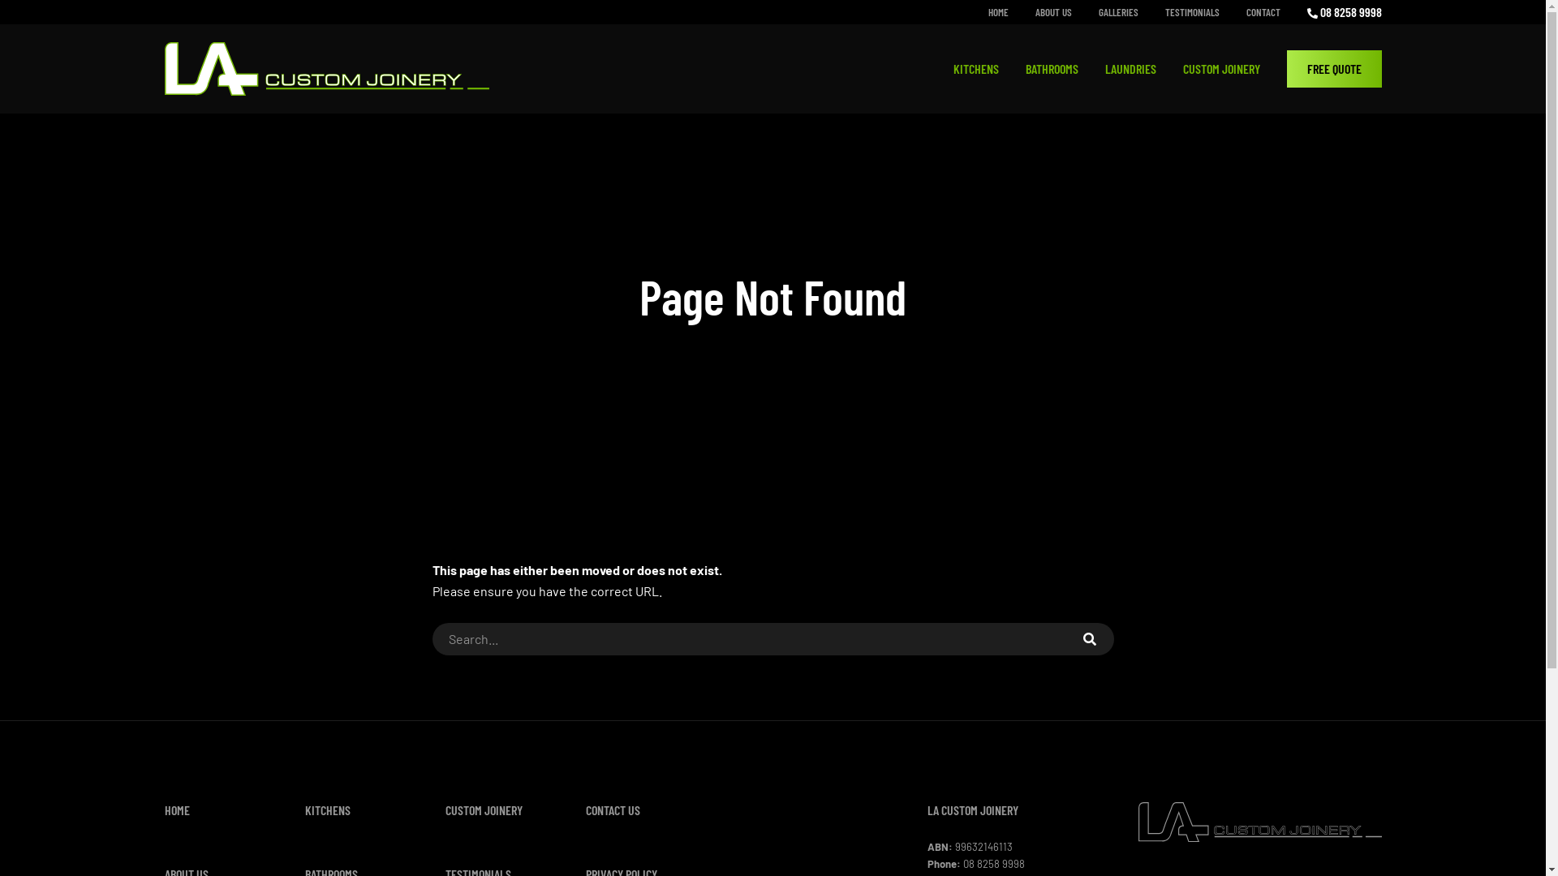  Describe the element at coordinates (612, 809) in the screenshot. I see `'CONTACT US'` at that location.